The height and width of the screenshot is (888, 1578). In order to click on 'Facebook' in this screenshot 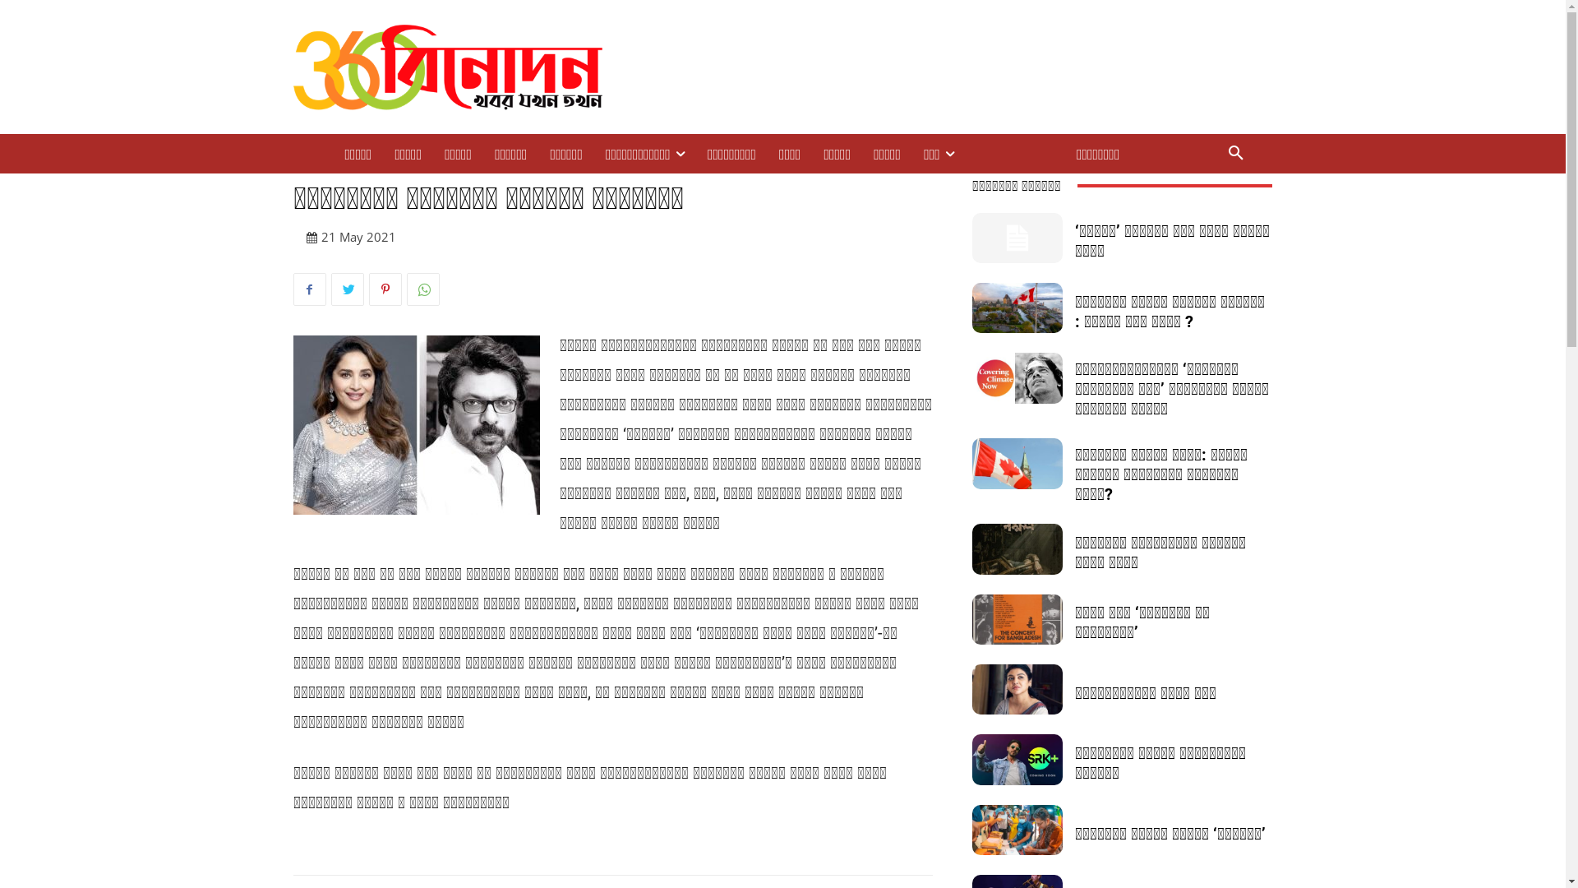, I will do `click(308, 288)`.